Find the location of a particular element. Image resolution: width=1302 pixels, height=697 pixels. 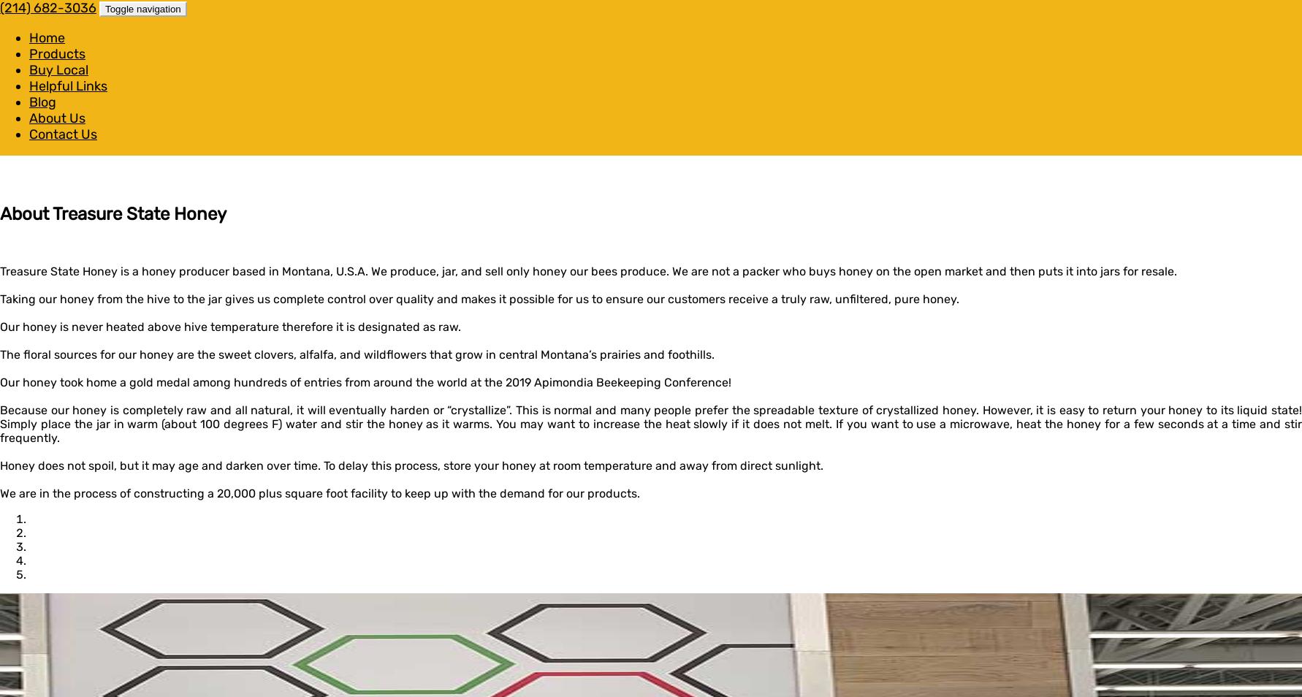

'Treasure State Honey is a honey producer based in Montana, U.S.A. We produce, jar, and sell only honey our bees produce. We are not a packer who buys honey on the open market and then puts it into jars for resale.' is located at coordinates (0, 270).